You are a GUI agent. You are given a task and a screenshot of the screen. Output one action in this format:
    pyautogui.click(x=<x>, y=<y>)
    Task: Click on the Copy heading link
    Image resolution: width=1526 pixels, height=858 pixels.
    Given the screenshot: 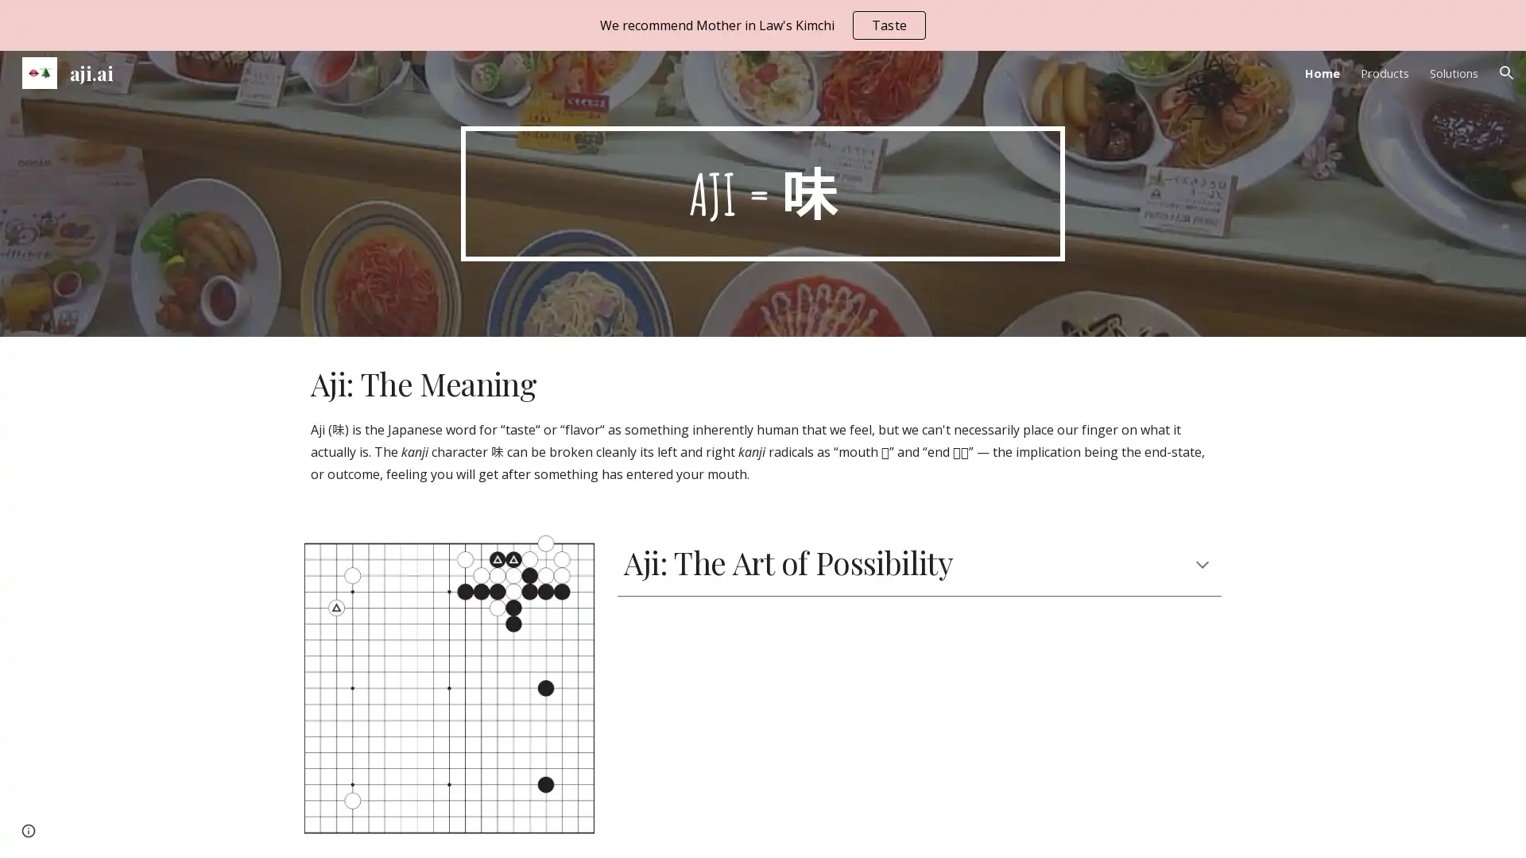 What is the action you would take?
    pyautogui.click(x=970, y=562)
    